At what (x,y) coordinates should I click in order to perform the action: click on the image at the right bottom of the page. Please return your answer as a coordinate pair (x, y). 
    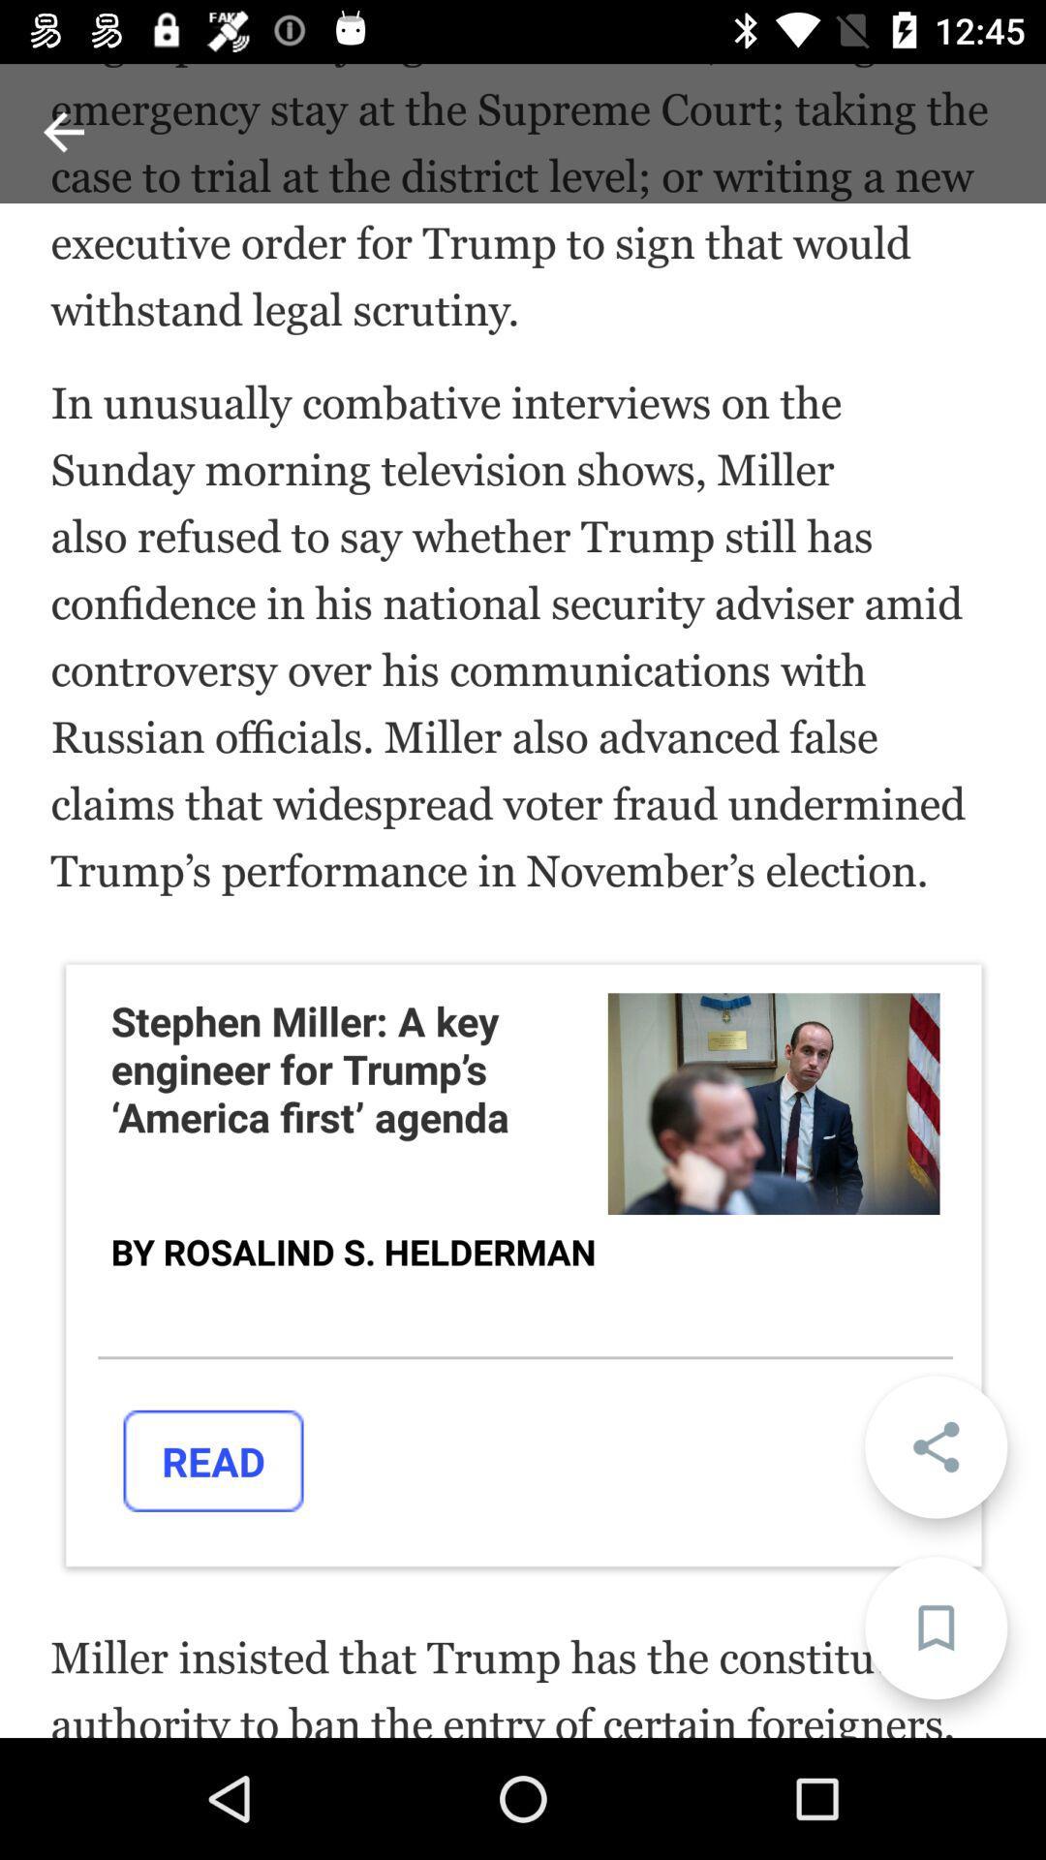
    Looking at the image, I should click on (773, 1103).